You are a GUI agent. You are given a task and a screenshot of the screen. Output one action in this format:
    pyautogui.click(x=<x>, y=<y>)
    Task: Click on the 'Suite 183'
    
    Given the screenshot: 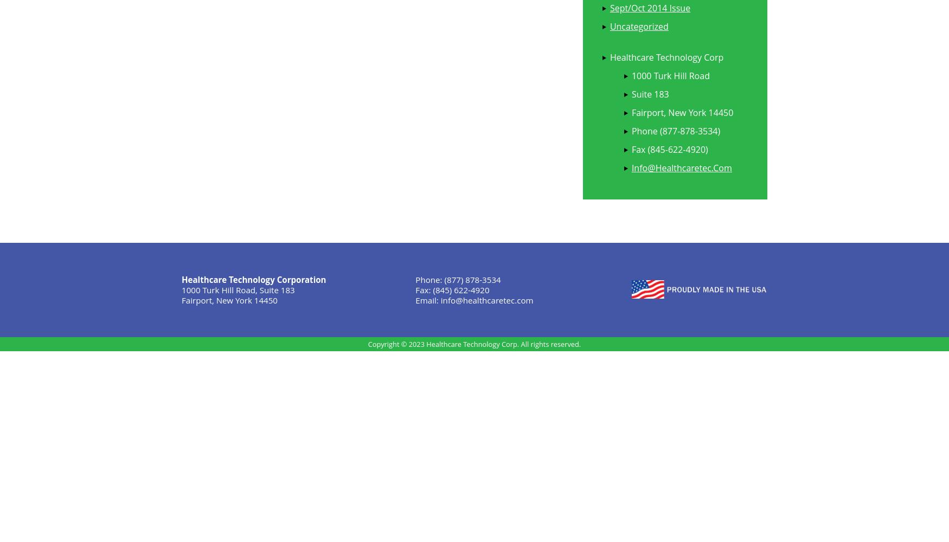 What is the action you would take?
    pyautogui.click(x=650, y=94)
    